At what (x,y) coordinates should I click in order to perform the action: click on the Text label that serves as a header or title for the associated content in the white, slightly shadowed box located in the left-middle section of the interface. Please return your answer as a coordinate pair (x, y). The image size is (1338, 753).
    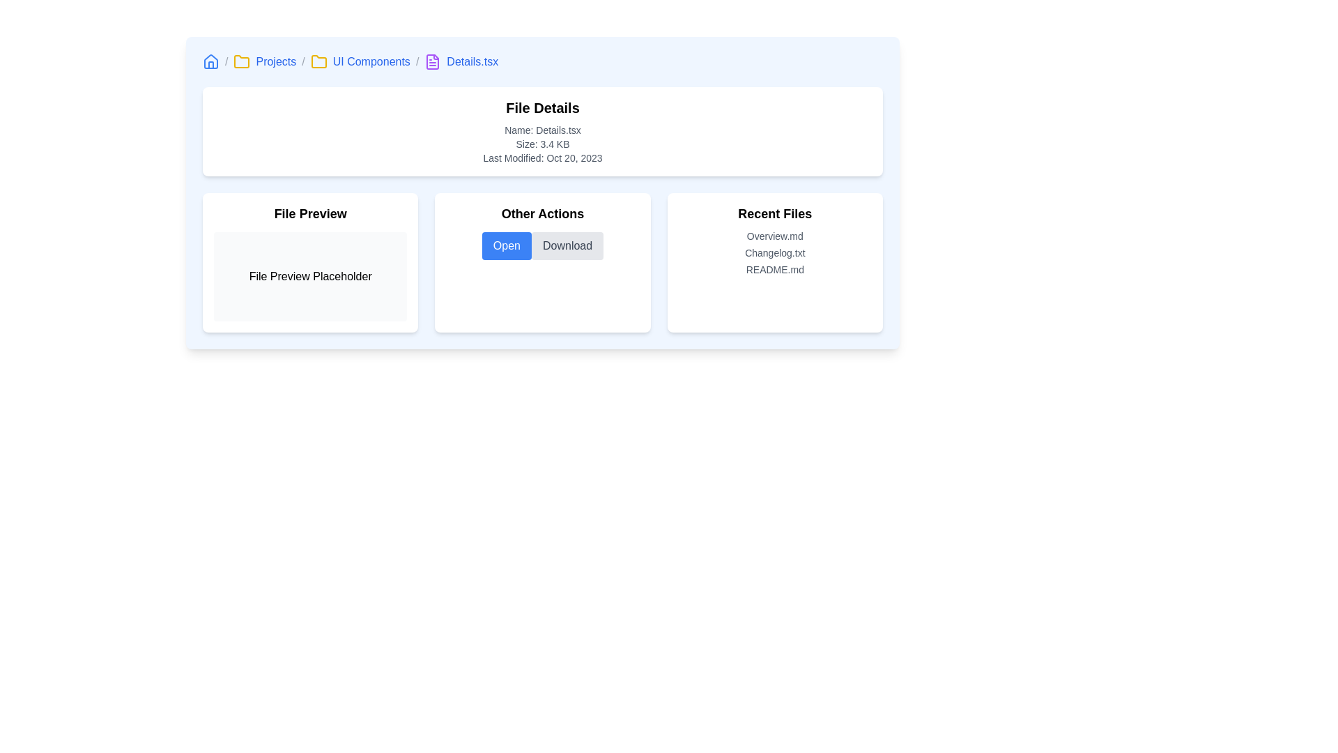
    Looking at the image, I should click on (309, 214).